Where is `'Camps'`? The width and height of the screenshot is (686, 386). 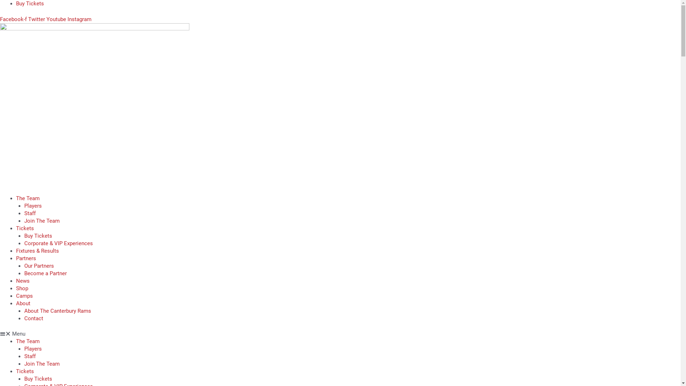 'Camps' is located at coordinates (24, 295).